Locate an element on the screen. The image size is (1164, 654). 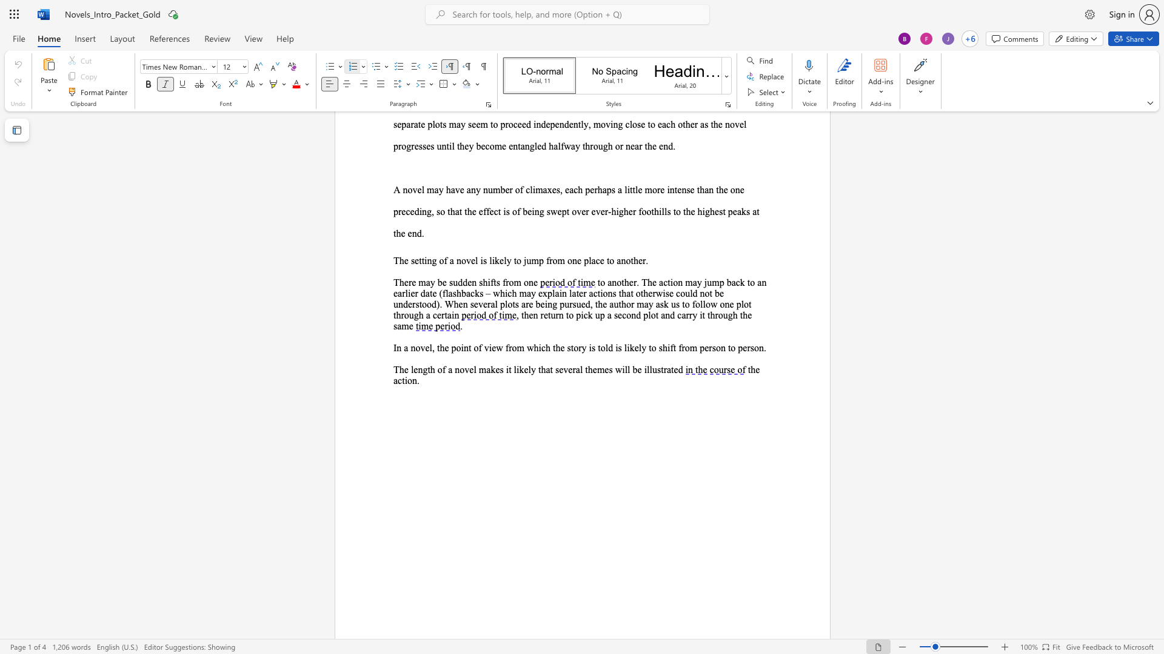
the space between the continuous character "t" and "h" in the text is located at coordinates (750, 369).